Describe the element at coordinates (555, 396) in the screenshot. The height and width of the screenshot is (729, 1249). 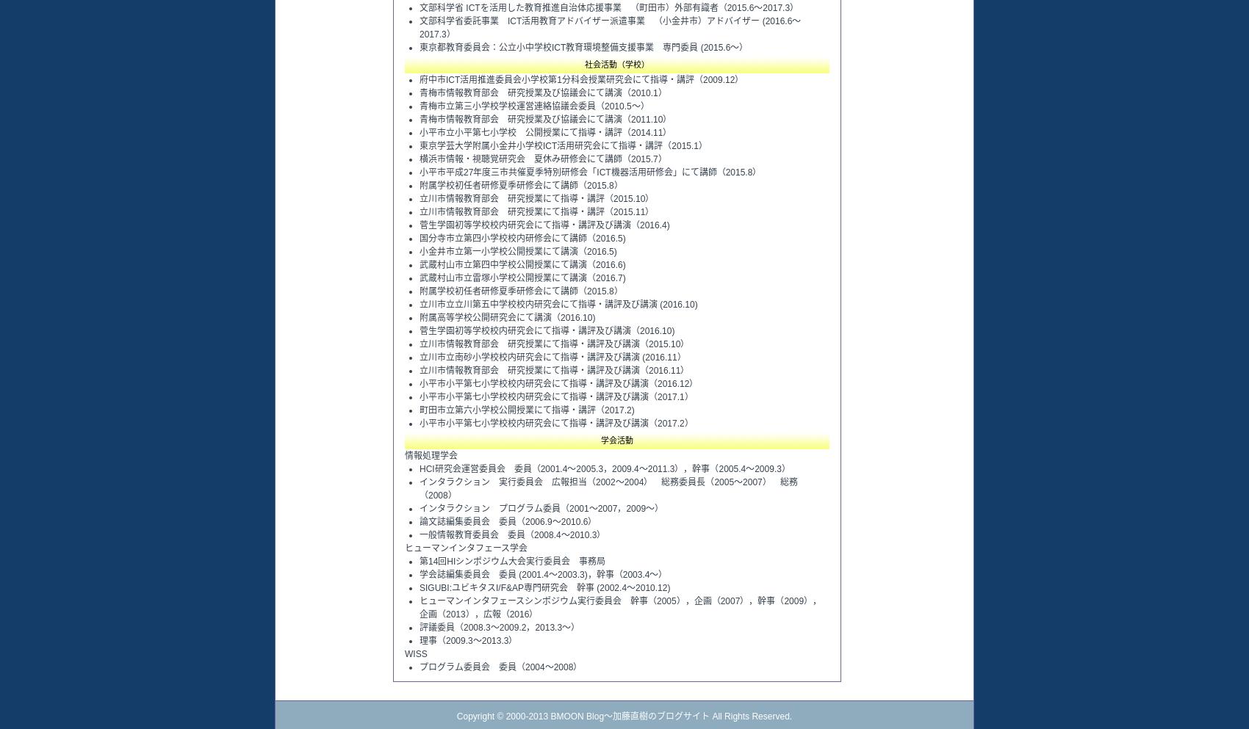
I see `'小平市小平第七小学校校内研究会にて指導・講評及び講演（2017.1）'` at that location.